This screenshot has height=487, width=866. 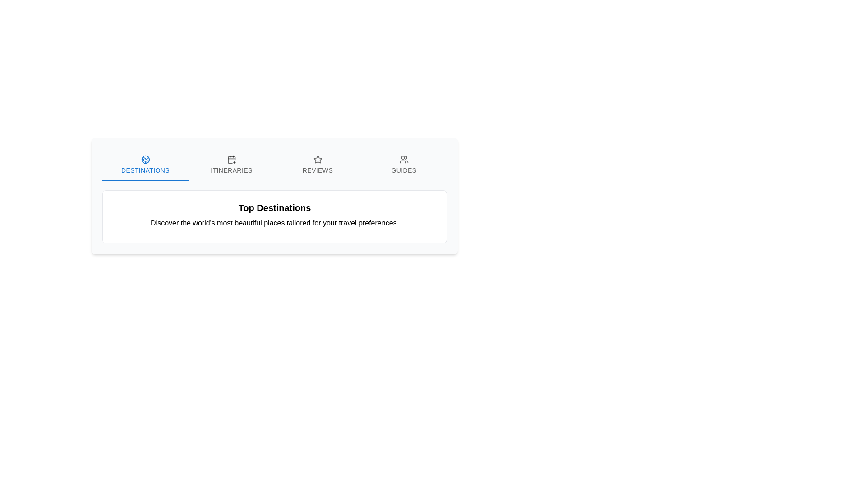 I want to click on the third tab button, so click(x=318, y=165).